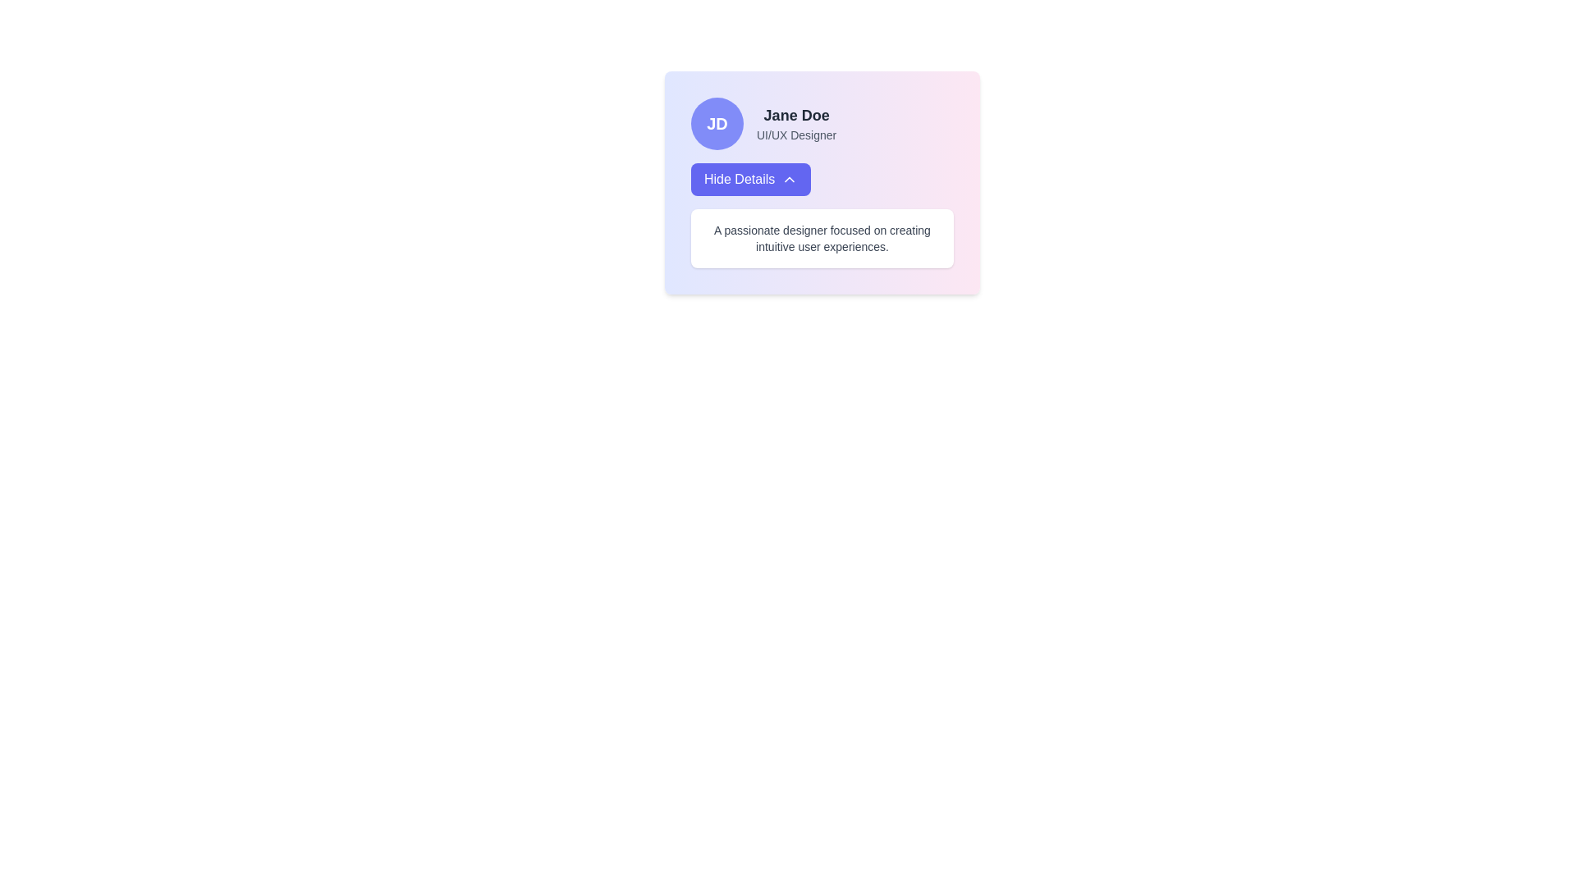 The image size is (1576, 886). Describe the element at coordinates (796, 115) in the screenshot. I see `the text label displaying 'Jane Doe'` at that location.